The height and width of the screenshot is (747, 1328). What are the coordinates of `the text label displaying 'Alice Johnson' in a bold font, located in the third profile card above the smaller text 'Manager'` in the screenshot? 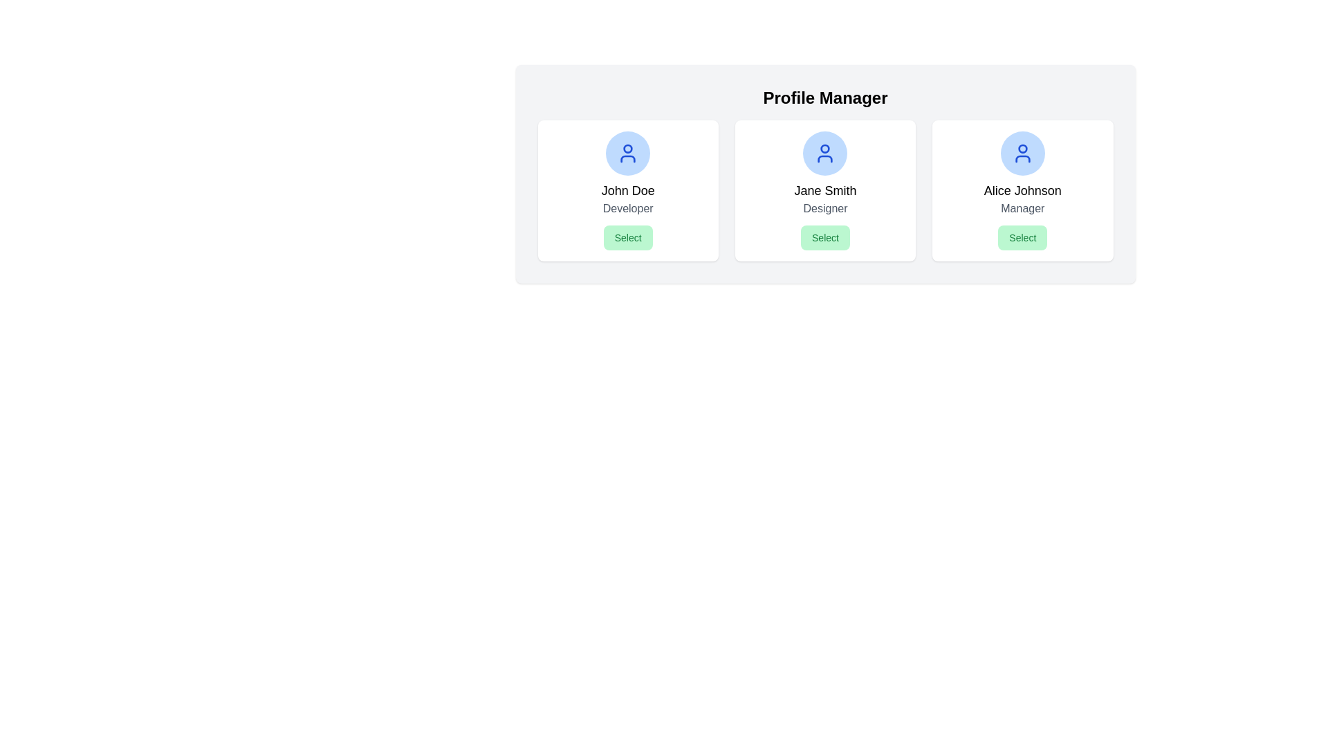 It's located at (1022, 191).